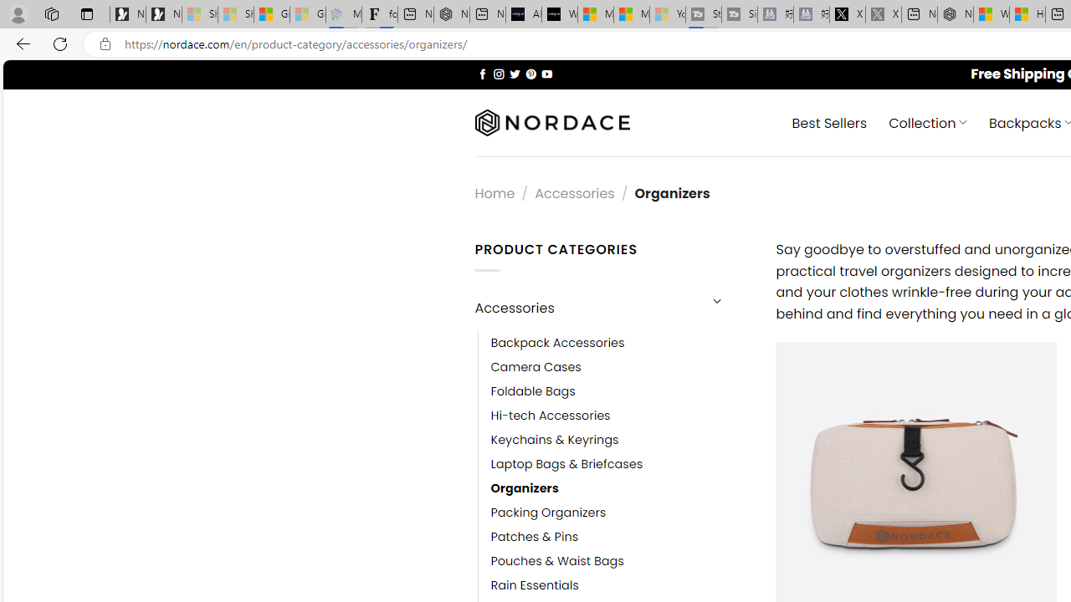  Describe the element at coordinates (550, 414) in the screenshot. I see `'Hi-tech Accessories'` at that location.